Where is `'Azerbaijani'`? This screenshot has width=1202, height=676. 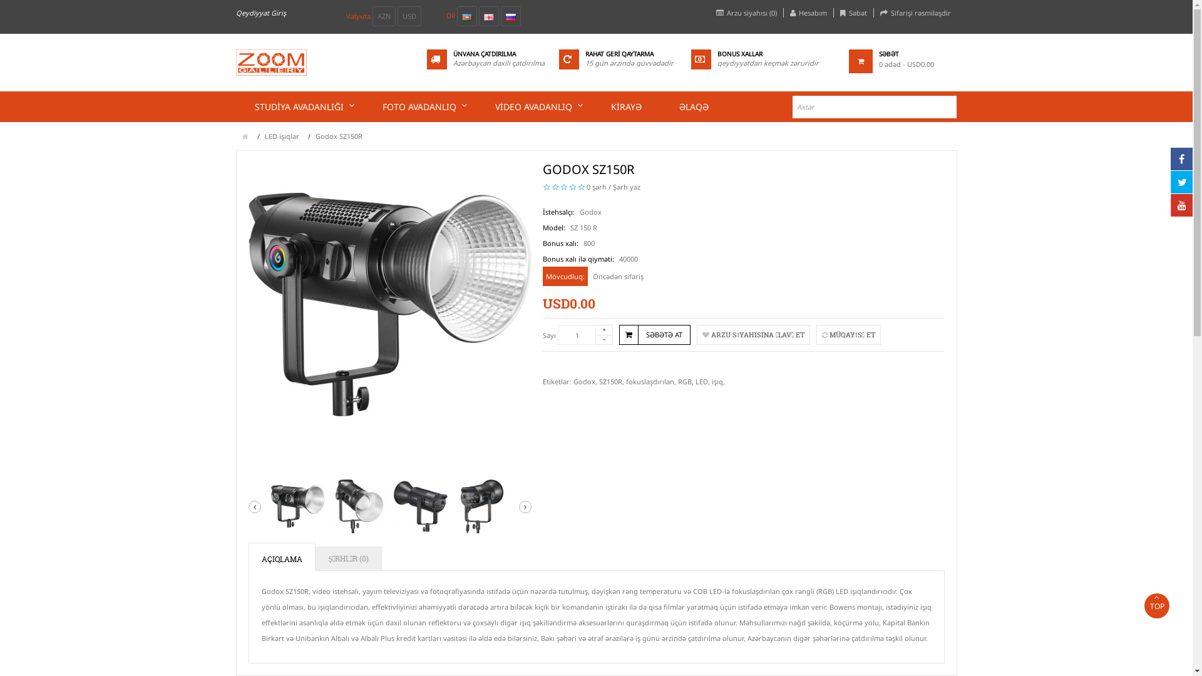 'Azerbaijani' is located at coordinates (461, 17).